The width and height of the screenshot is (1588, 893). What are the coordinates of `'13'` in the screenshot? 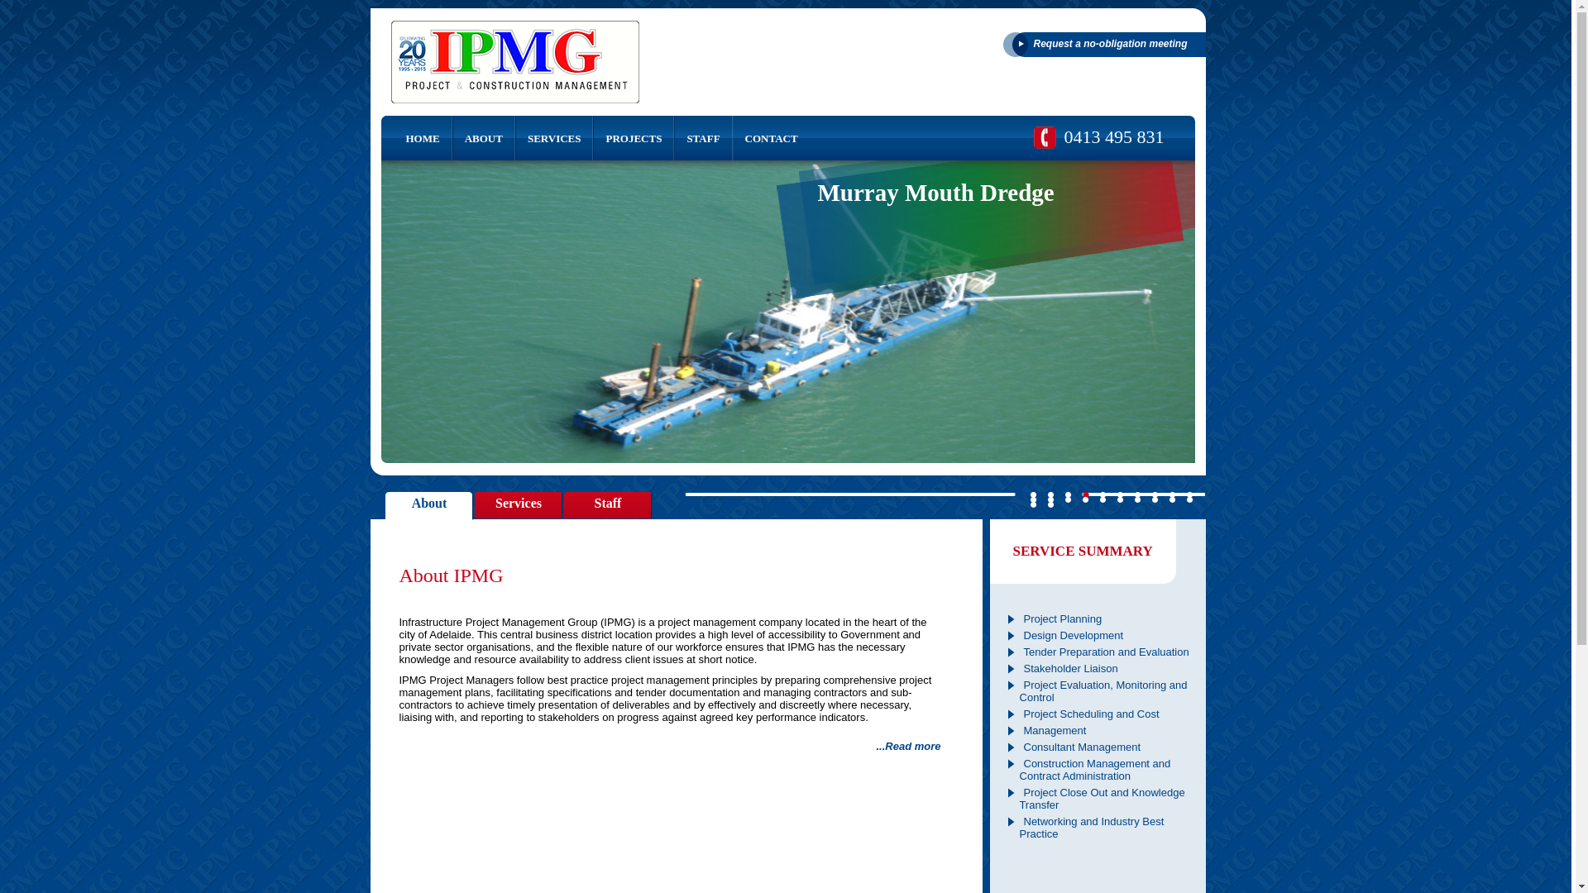 It's located at (1068, 499).